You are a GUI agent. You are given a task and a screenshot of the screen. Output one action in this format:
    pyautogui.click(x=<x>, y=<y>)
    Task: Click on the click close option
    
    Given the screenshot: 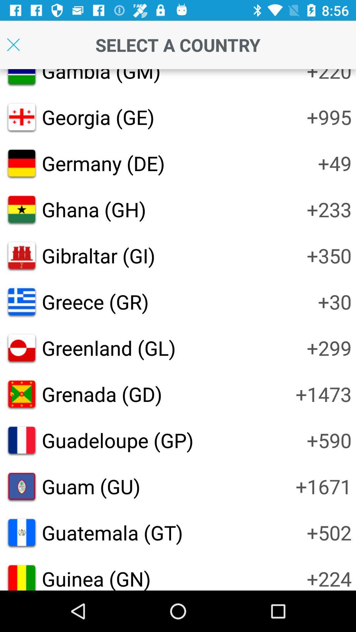 What is the action you would take?
    pyautogui.click(x=13, y=44)
    